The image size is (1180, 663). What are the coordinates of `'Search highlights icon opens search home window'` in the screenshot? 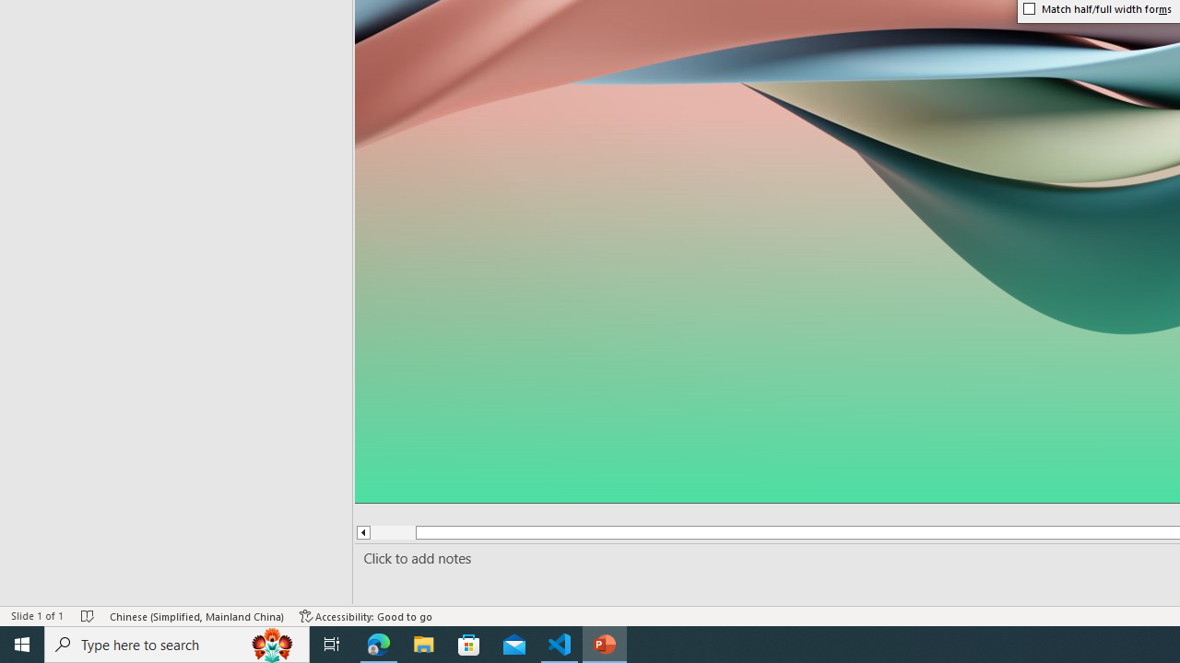 It's located at (271, 643).